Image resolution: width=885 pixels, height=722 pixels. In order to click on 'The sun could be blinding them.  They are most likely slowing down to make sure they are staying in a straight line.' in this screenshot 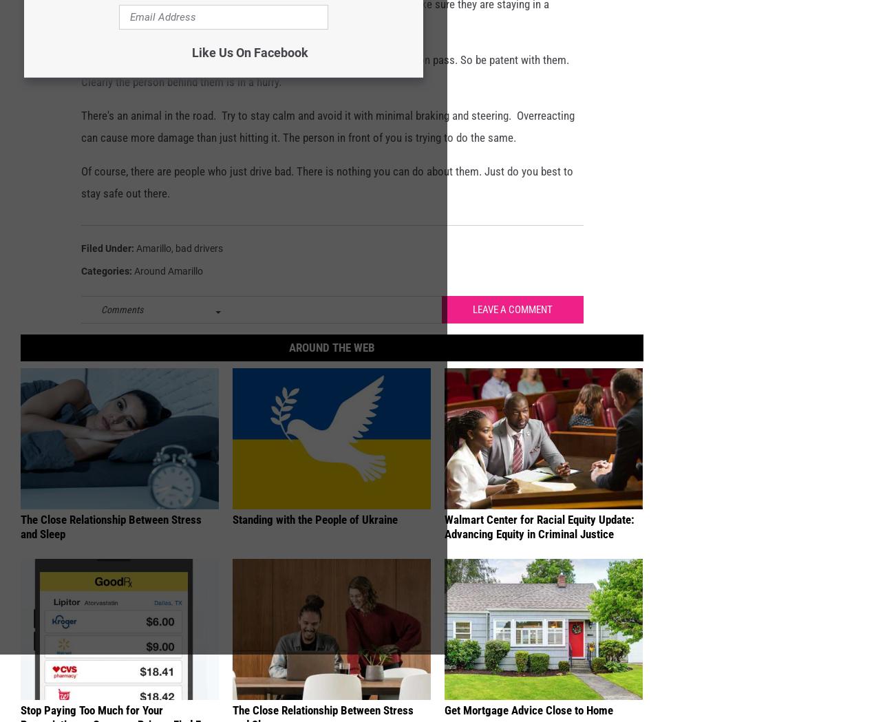, I will do `click(314, 37)`.